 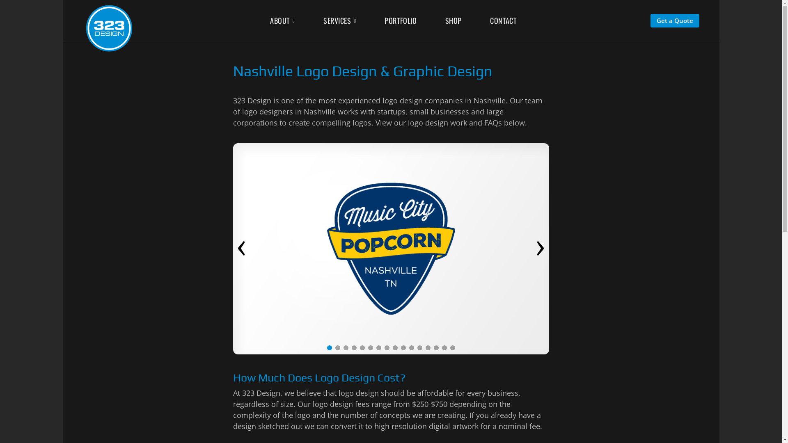 What do you see at coordinates (340, 21) in the screenshot?
I see `'SERVICES'` at bounding box center [340, 21].